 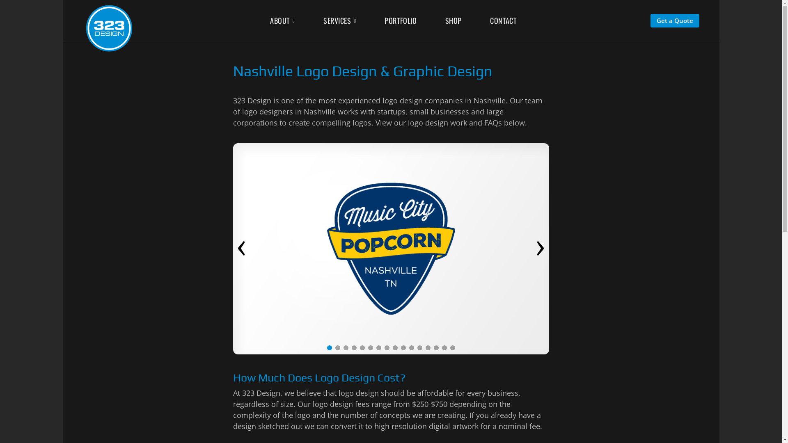 What do you see at coordinates (340, 21) in the screenshot?
I see `'SERVICES'` at bounding box center [340, 21].